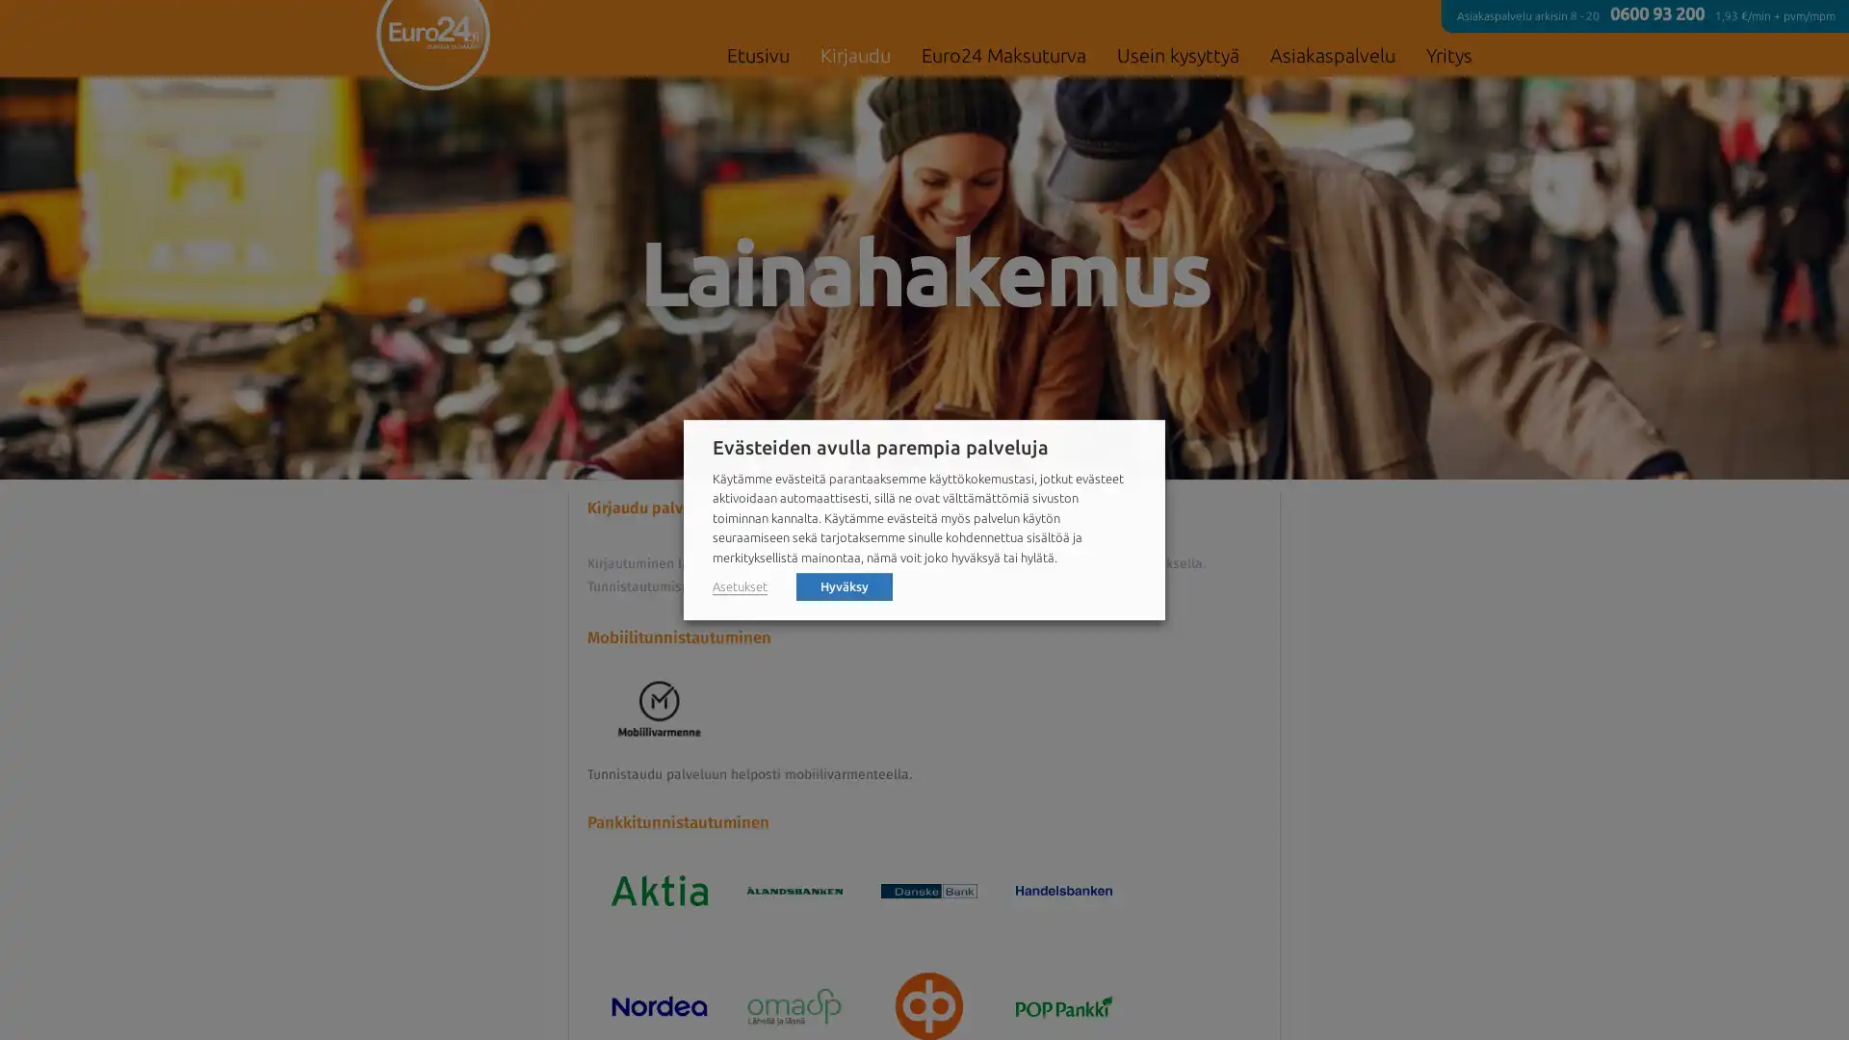 The width and height of the screenshot is (1849, 1040). Describe the element at coordinates (845, 585) in the screenshot. I see `Hyvaksy` at that location.